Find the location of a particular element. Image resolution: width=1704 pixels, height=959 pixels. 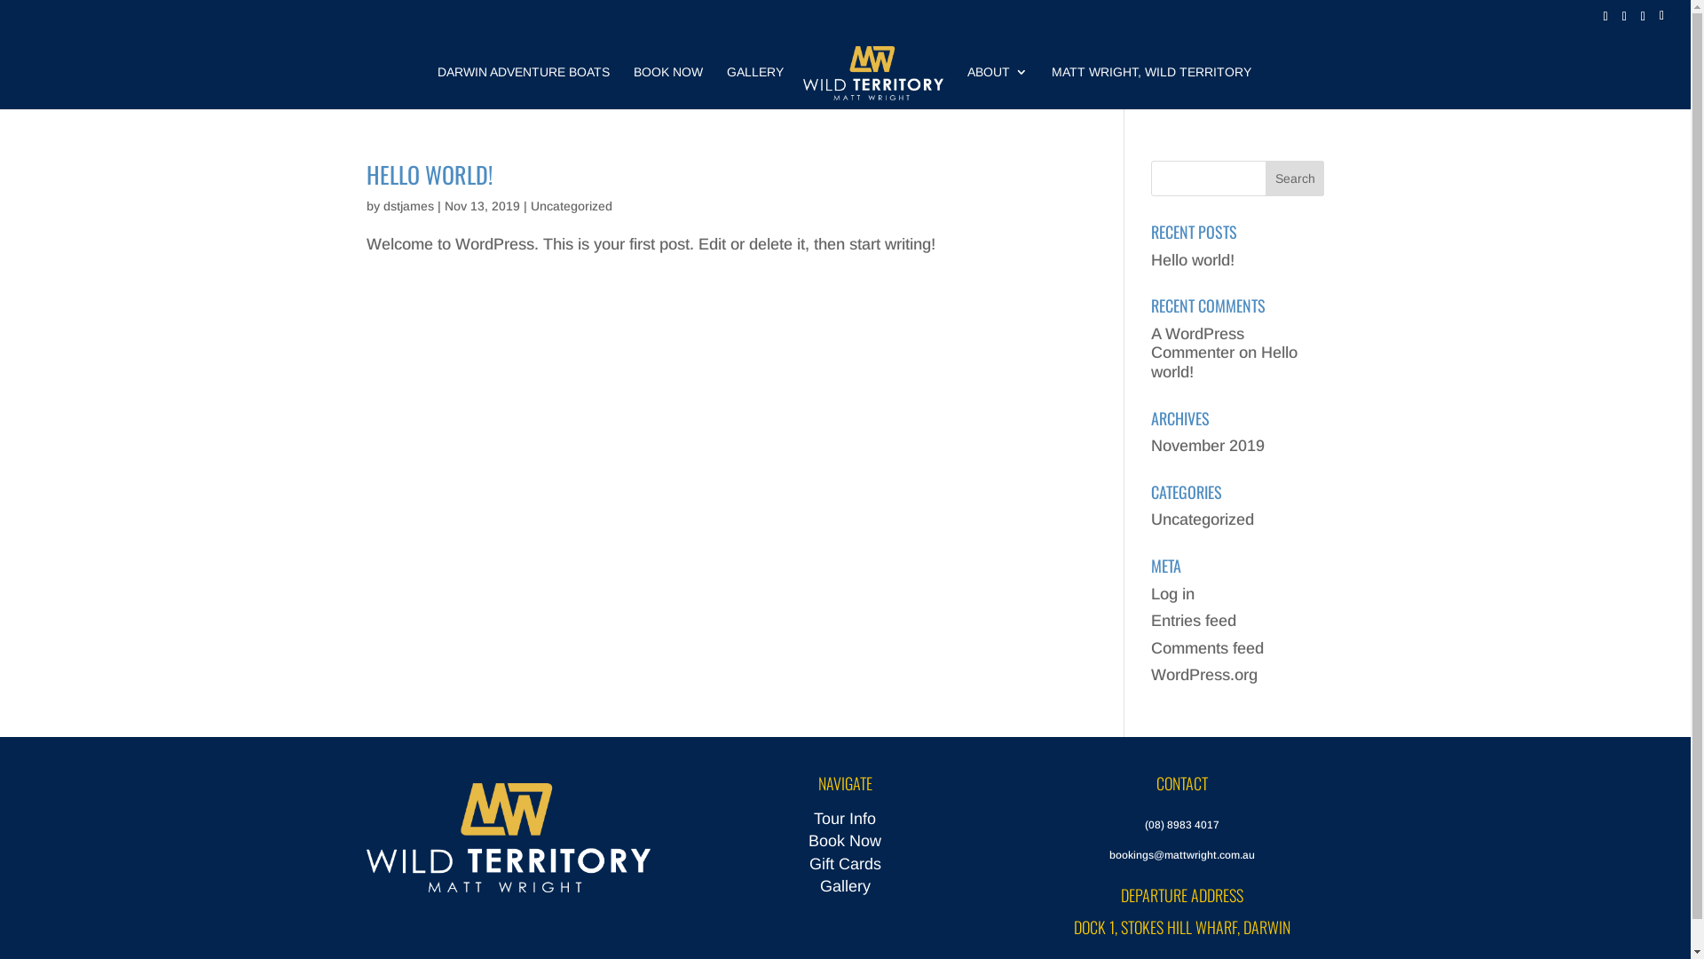

'November 2019' is located at coordinates (1207, 444).